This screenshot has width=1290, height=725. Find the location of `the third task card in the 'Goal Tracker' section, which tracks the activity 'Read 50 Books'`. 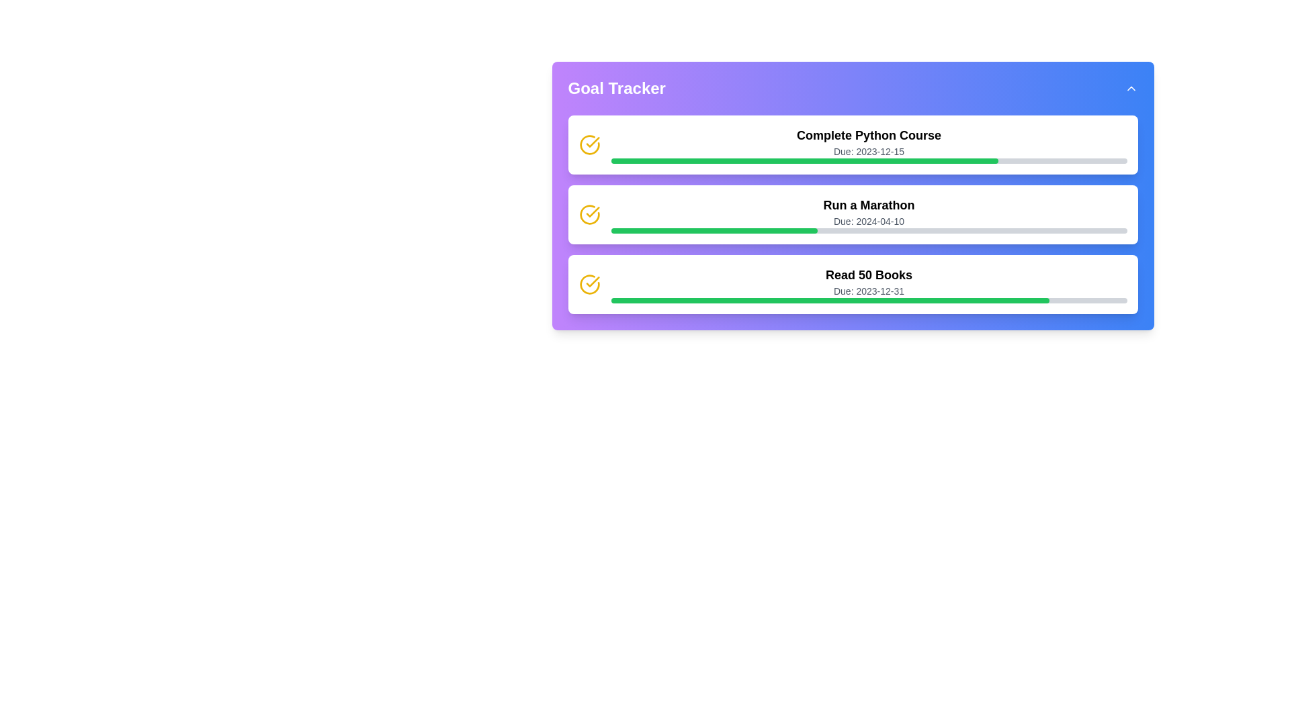

the third task card in the 'Goal Tracker' section, which tracks the activity 'Read 50 Books' is located at coordinates (852, 284).